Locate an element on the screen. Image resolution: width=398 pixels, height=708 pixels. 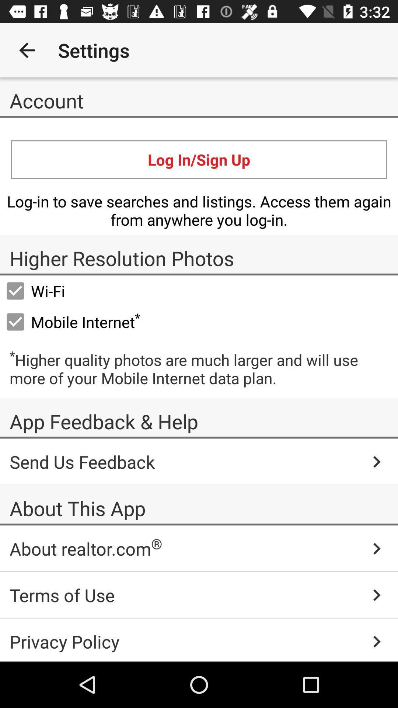
icon next to the settings icon is located at coordinates (27, 50).